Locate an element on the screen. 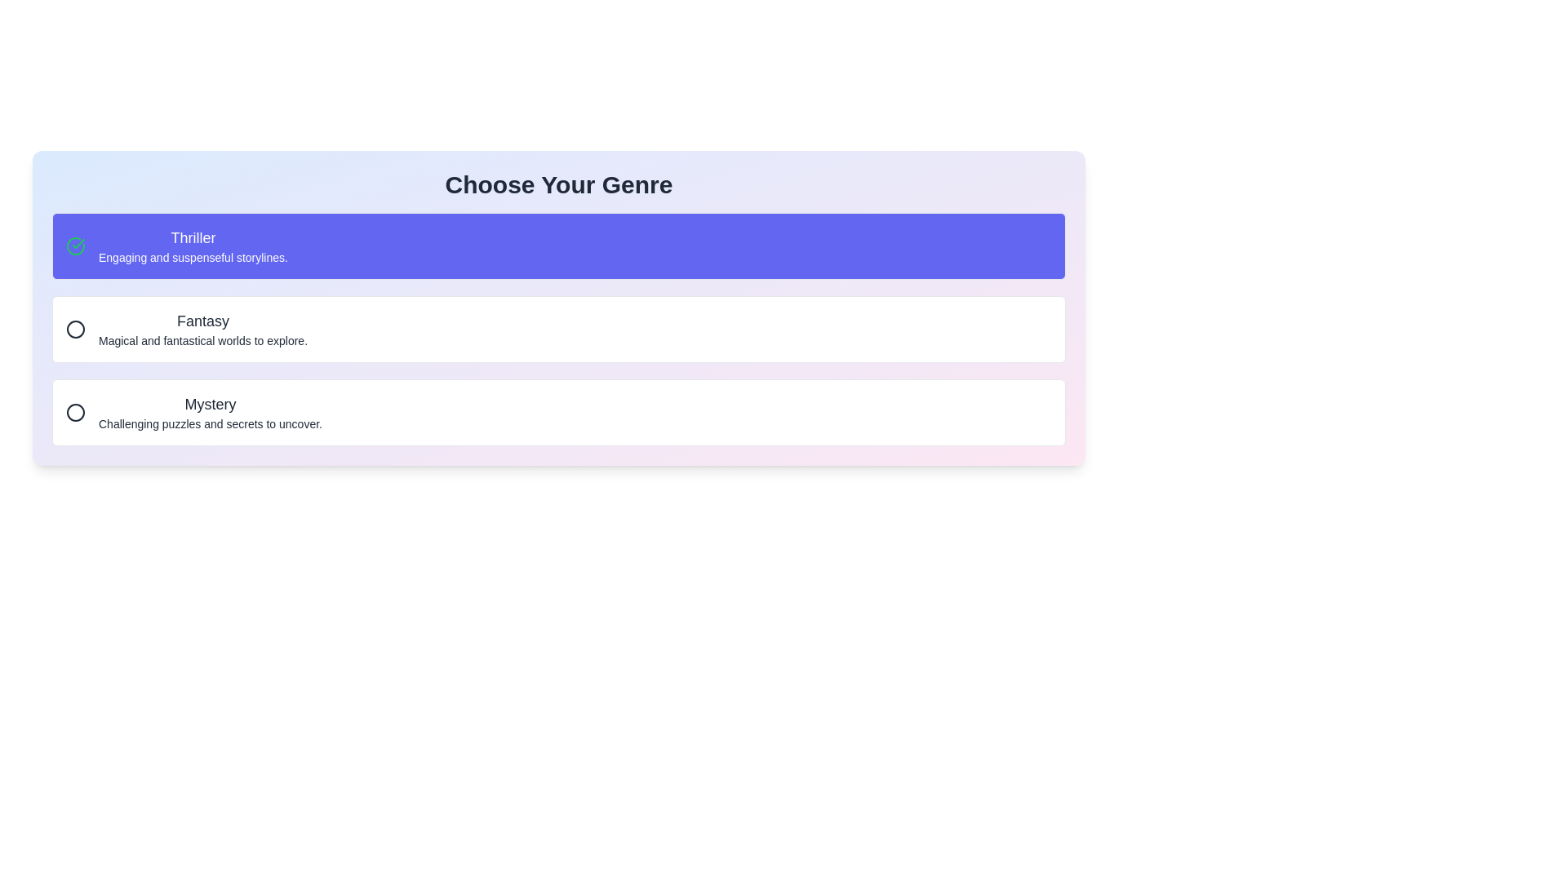 The height and width of the screenshot is (881, 1567). the Circular Icon that indicates the selection state for the 'Mystery' option, located at the right margin of the option box is located at coordinates (74, 411).